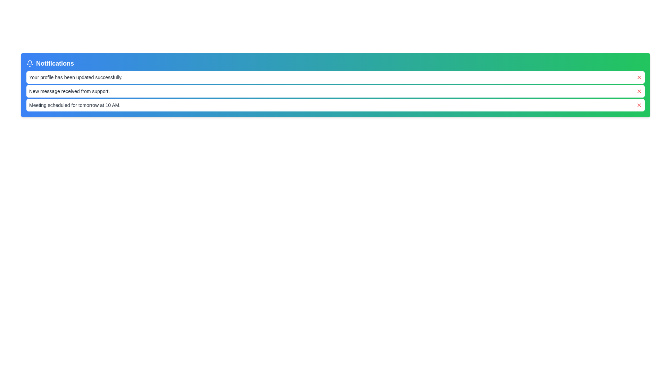 This screenshot has width=667, height=375. What do you see at coordinates (75, 105) in the screenshot?
I see `the Text Block displaying 'Meeting scheduled for tomorrow at 10 AM.' in a small, gray font located in the notification panel` at bounding box center [75, 105].